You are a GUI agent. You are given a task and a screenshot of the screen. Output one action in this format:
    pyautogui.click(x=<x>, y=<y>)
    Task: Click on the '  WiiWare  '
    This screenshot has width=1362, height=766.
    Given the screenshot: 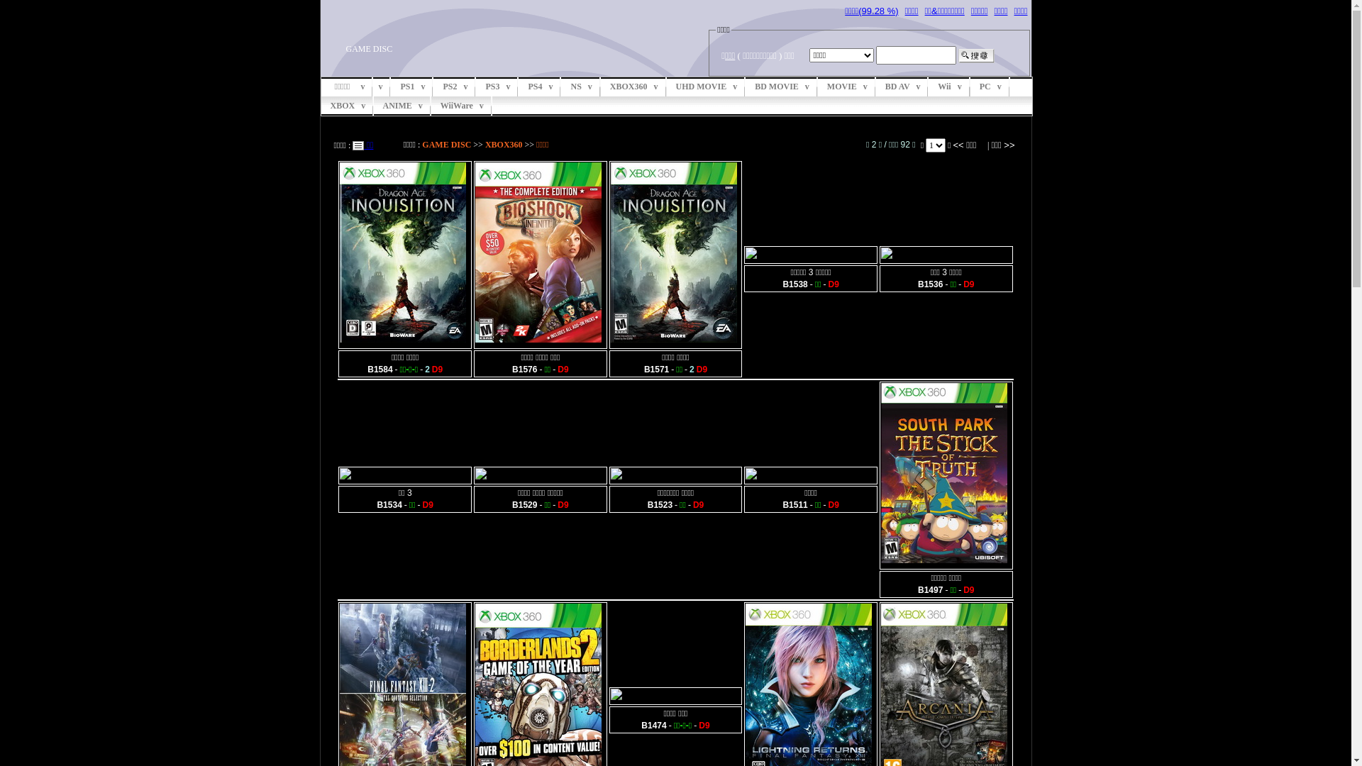 What is the action you would take?
    pyautogui.click(x=431, y=105)
    